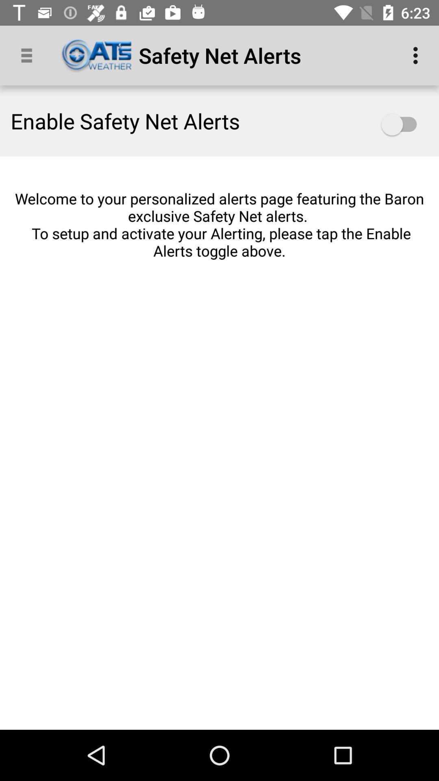 Image resolution: width=439 pixels, height=781 pixels. I want to click on the icon above the enable safety net icon, so click(29, 55).